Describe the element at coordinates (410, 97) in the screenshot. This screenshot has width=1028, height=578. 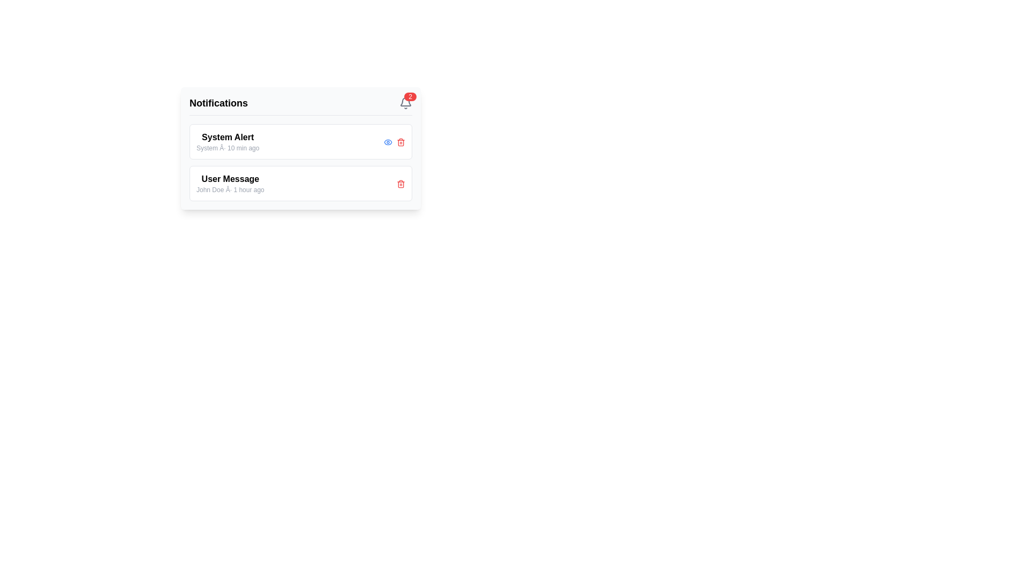
I see `the small red circular badge displaying the number '2', which is positioned above the top-right corner of the bell icon in the notifications section` at that location.